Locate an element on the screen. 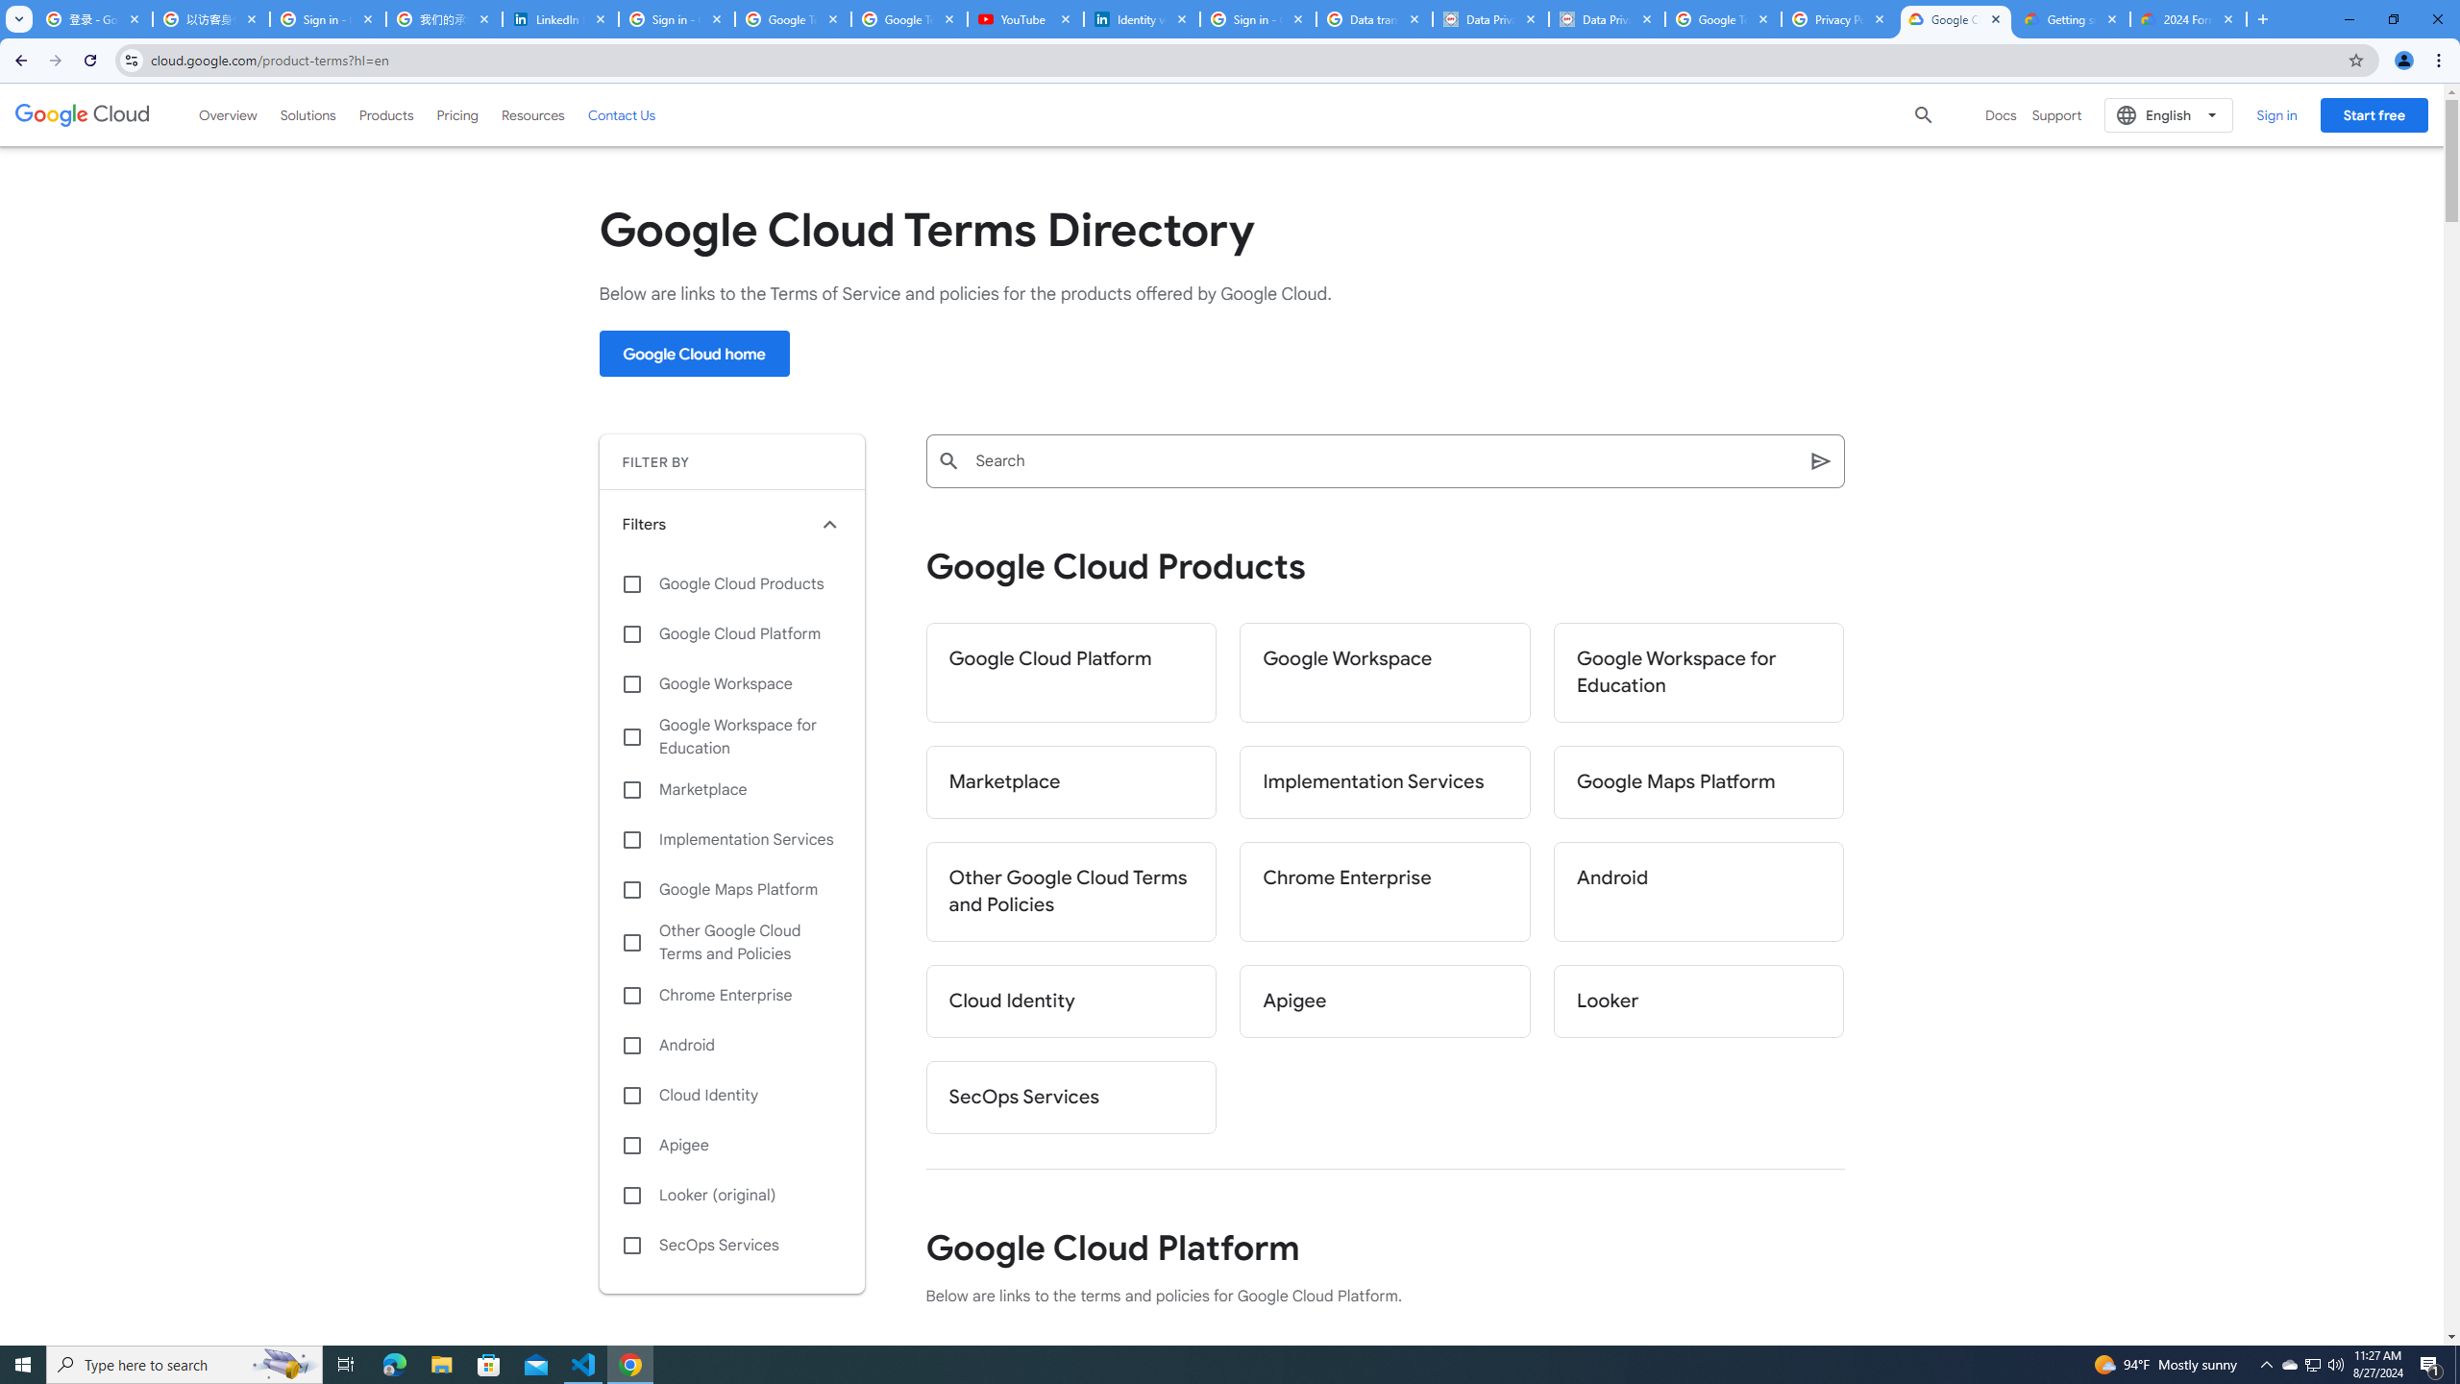 This screenshot has width=2460, height=1384. 'Data Privacy Framework' is located at coordinates (1606, 18).